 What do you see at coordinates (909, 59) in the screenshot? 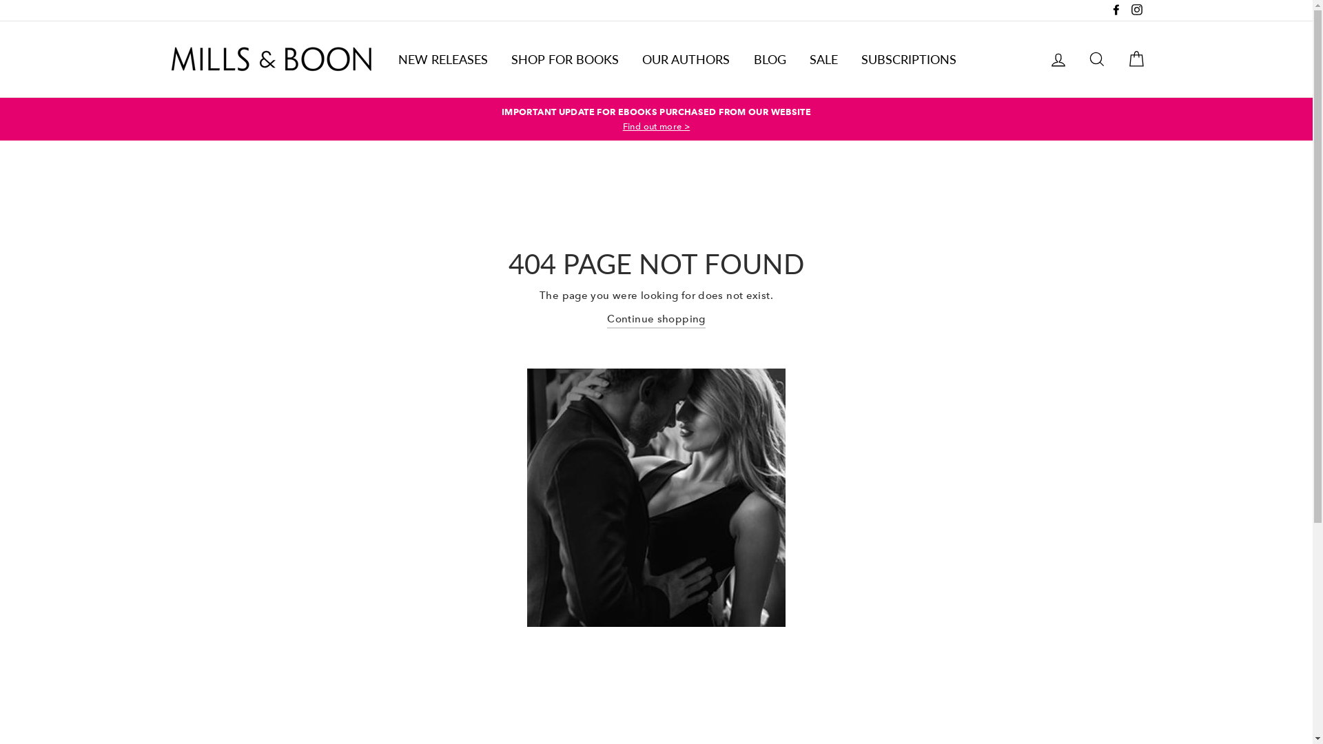
I see `'SUBSCRIPTIONS'` at bounding box center [909, 59].